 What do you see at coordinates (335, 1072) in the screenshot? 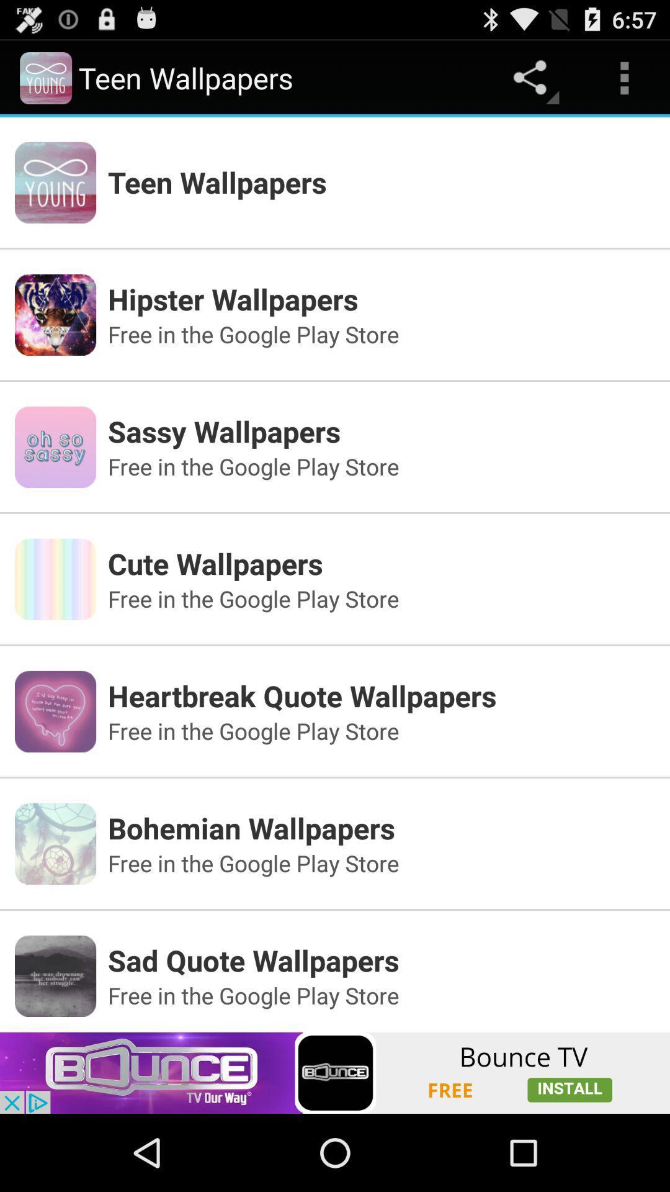
I see `the add image` at bounding box center [335, 1072].